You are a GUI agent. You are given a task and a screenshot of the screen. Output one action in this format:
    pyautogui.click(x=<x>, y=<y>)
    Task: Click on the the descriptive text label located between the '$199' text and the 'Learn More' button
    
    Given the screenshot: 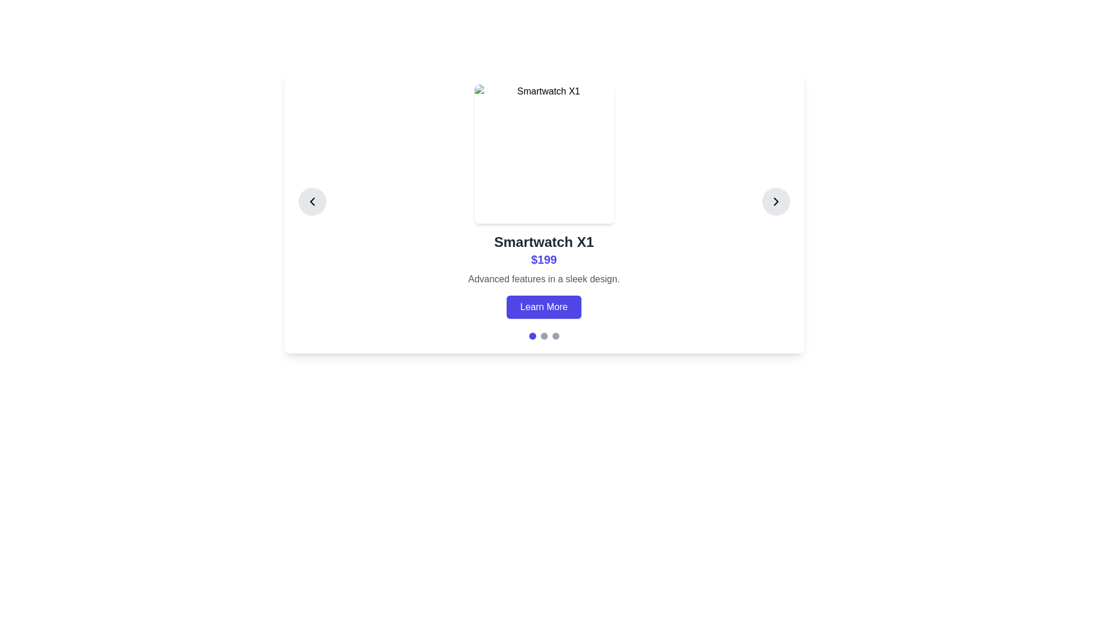 What is the action you would take?
    pyautogui.click(x=543, y=279)
    